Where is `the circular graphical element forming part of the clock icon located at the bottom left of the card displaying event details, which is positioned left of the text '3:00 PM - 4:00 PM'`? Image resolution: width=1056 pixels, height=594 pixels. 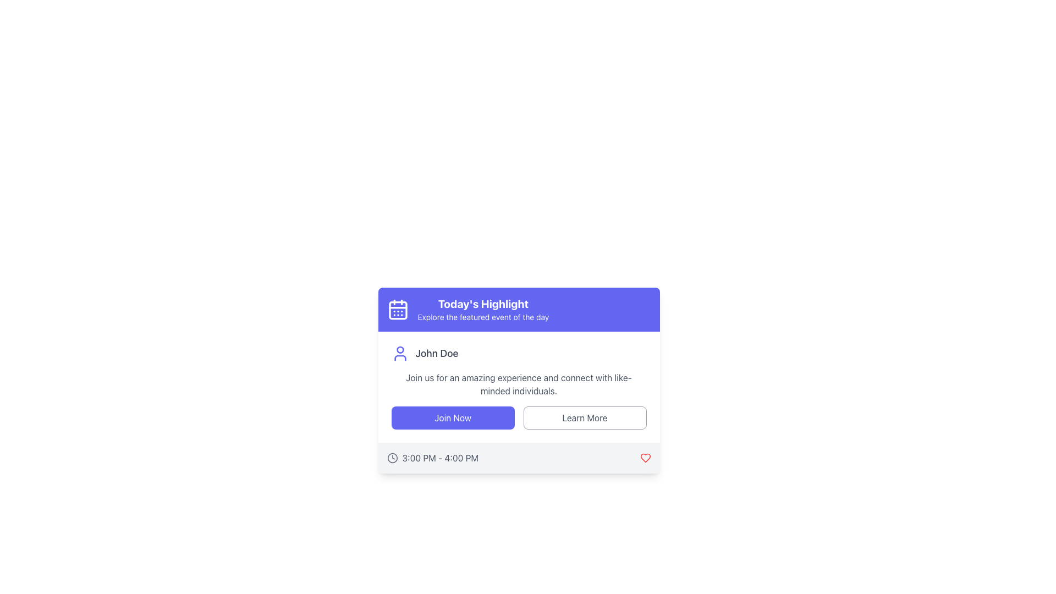
the circular graphical element forming part of the clock icon located at the bottom left of the card displaying event details, which is positioned left of the text '3:00 PM - 4:00 PM' is located at coordinates (392, 458).